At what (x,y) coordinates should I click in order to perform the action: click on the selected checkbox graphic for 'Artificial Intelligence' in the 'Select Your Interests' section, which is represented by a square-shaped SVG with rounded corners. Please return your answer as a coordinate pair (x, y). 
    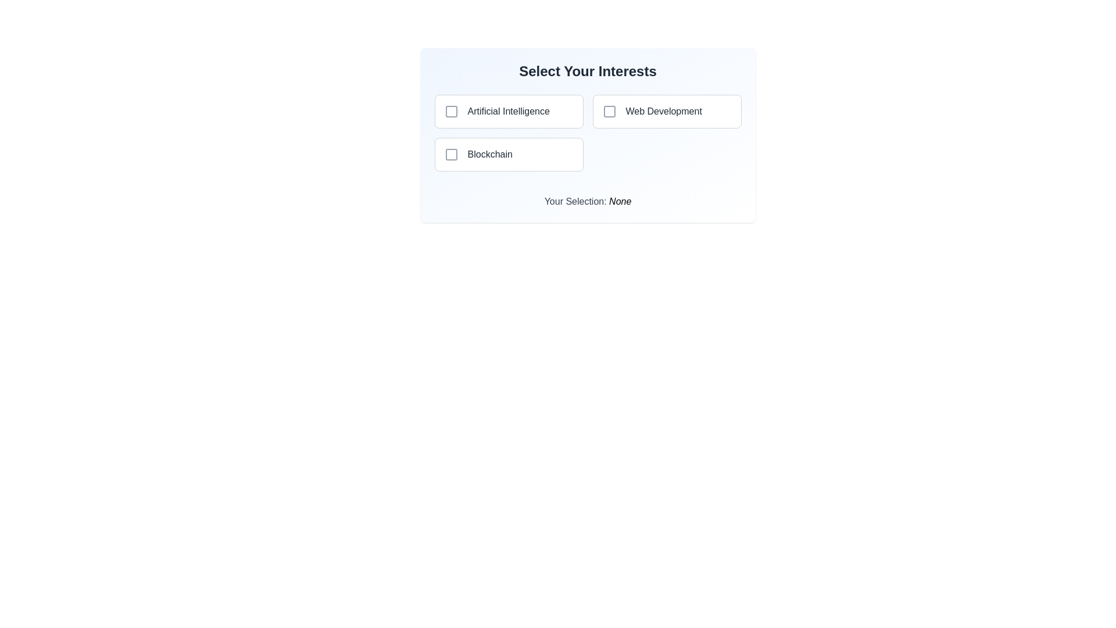
    Looking at the image, I should click on (450, 112).